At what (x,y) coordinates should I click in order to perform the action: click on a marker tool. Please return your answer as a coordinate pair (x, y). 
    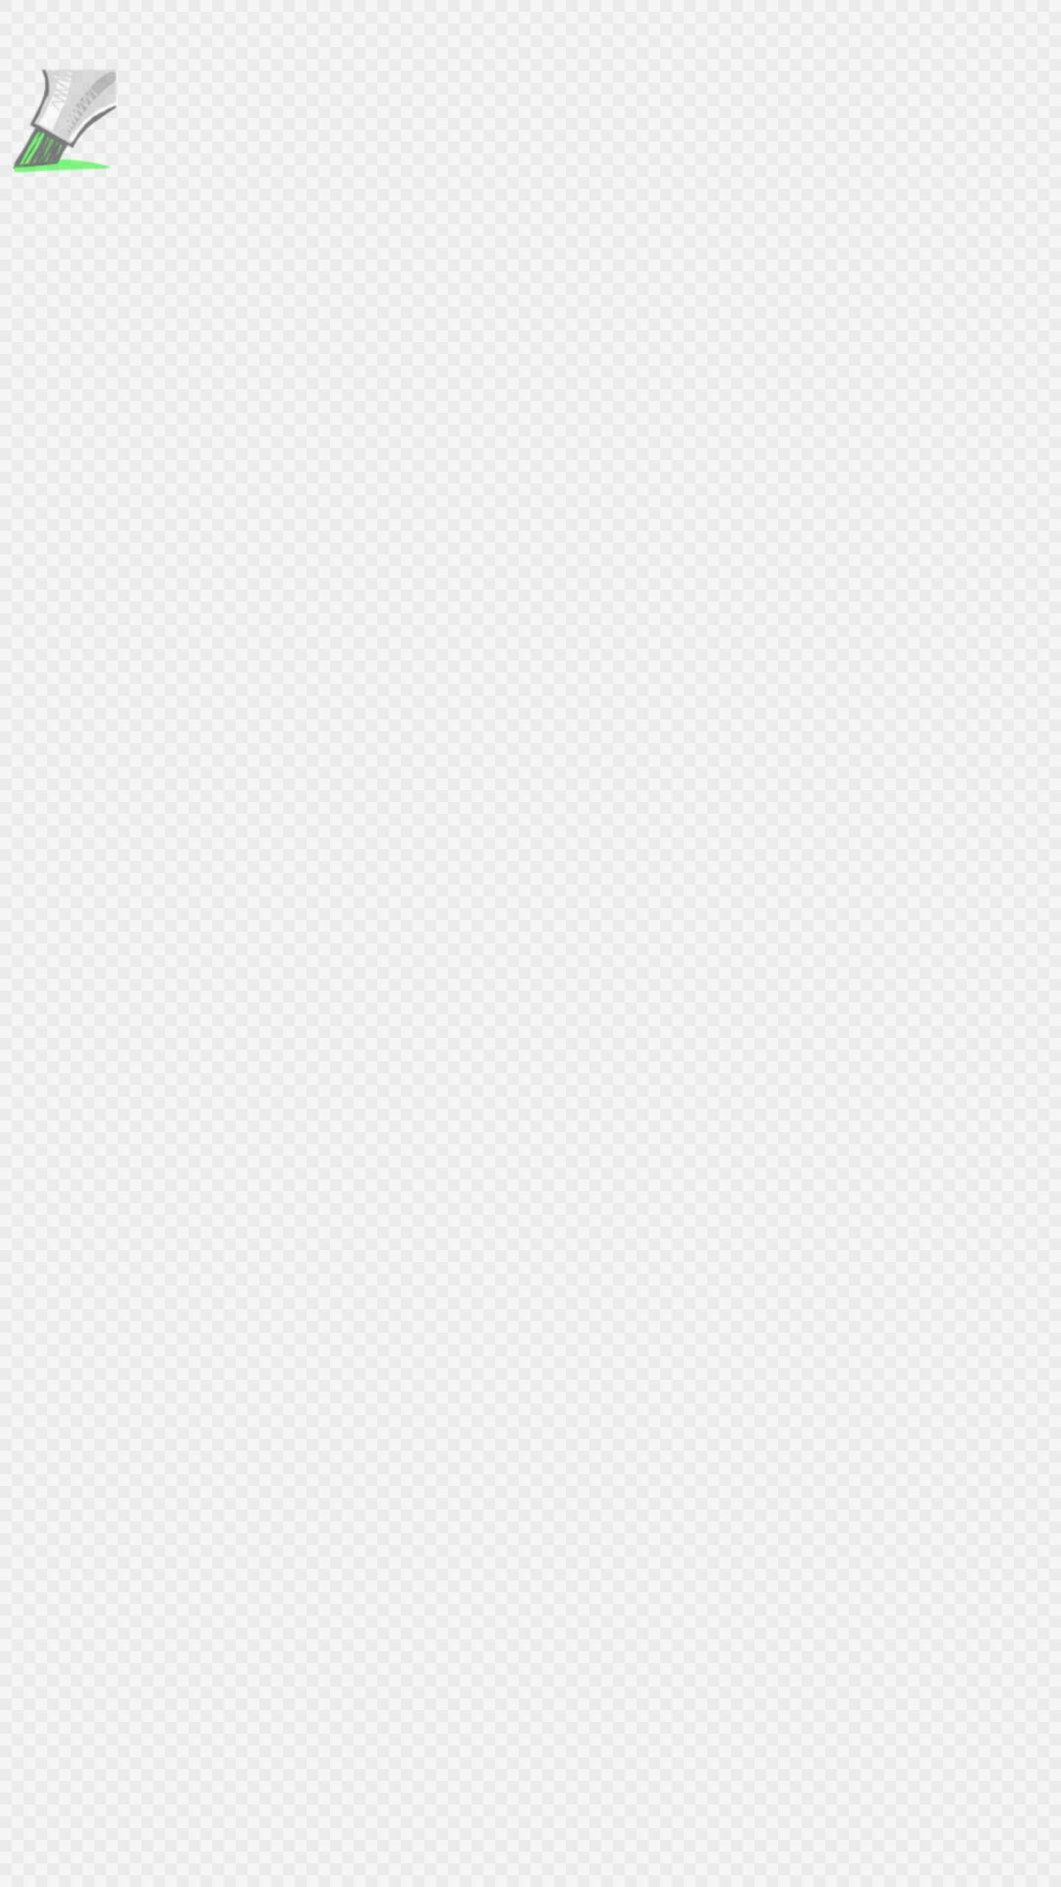
    Looking at the image, I should click on (60, 122).